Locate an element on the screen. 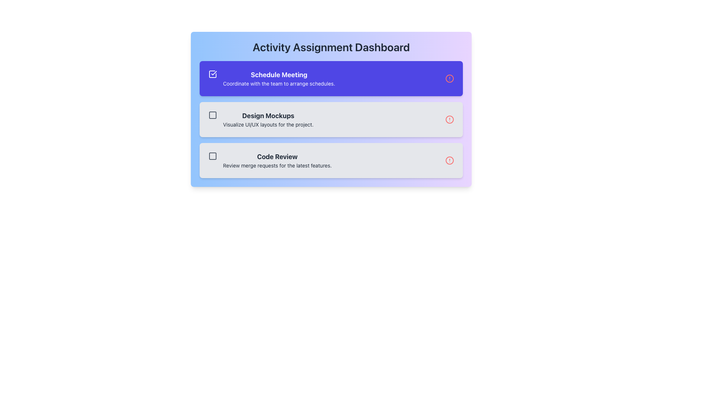  the graphical box with a dark gray outline and light gray fill located to the left of the 'Code Review' text in the third task item of the list is located at coordinates (212, 156).